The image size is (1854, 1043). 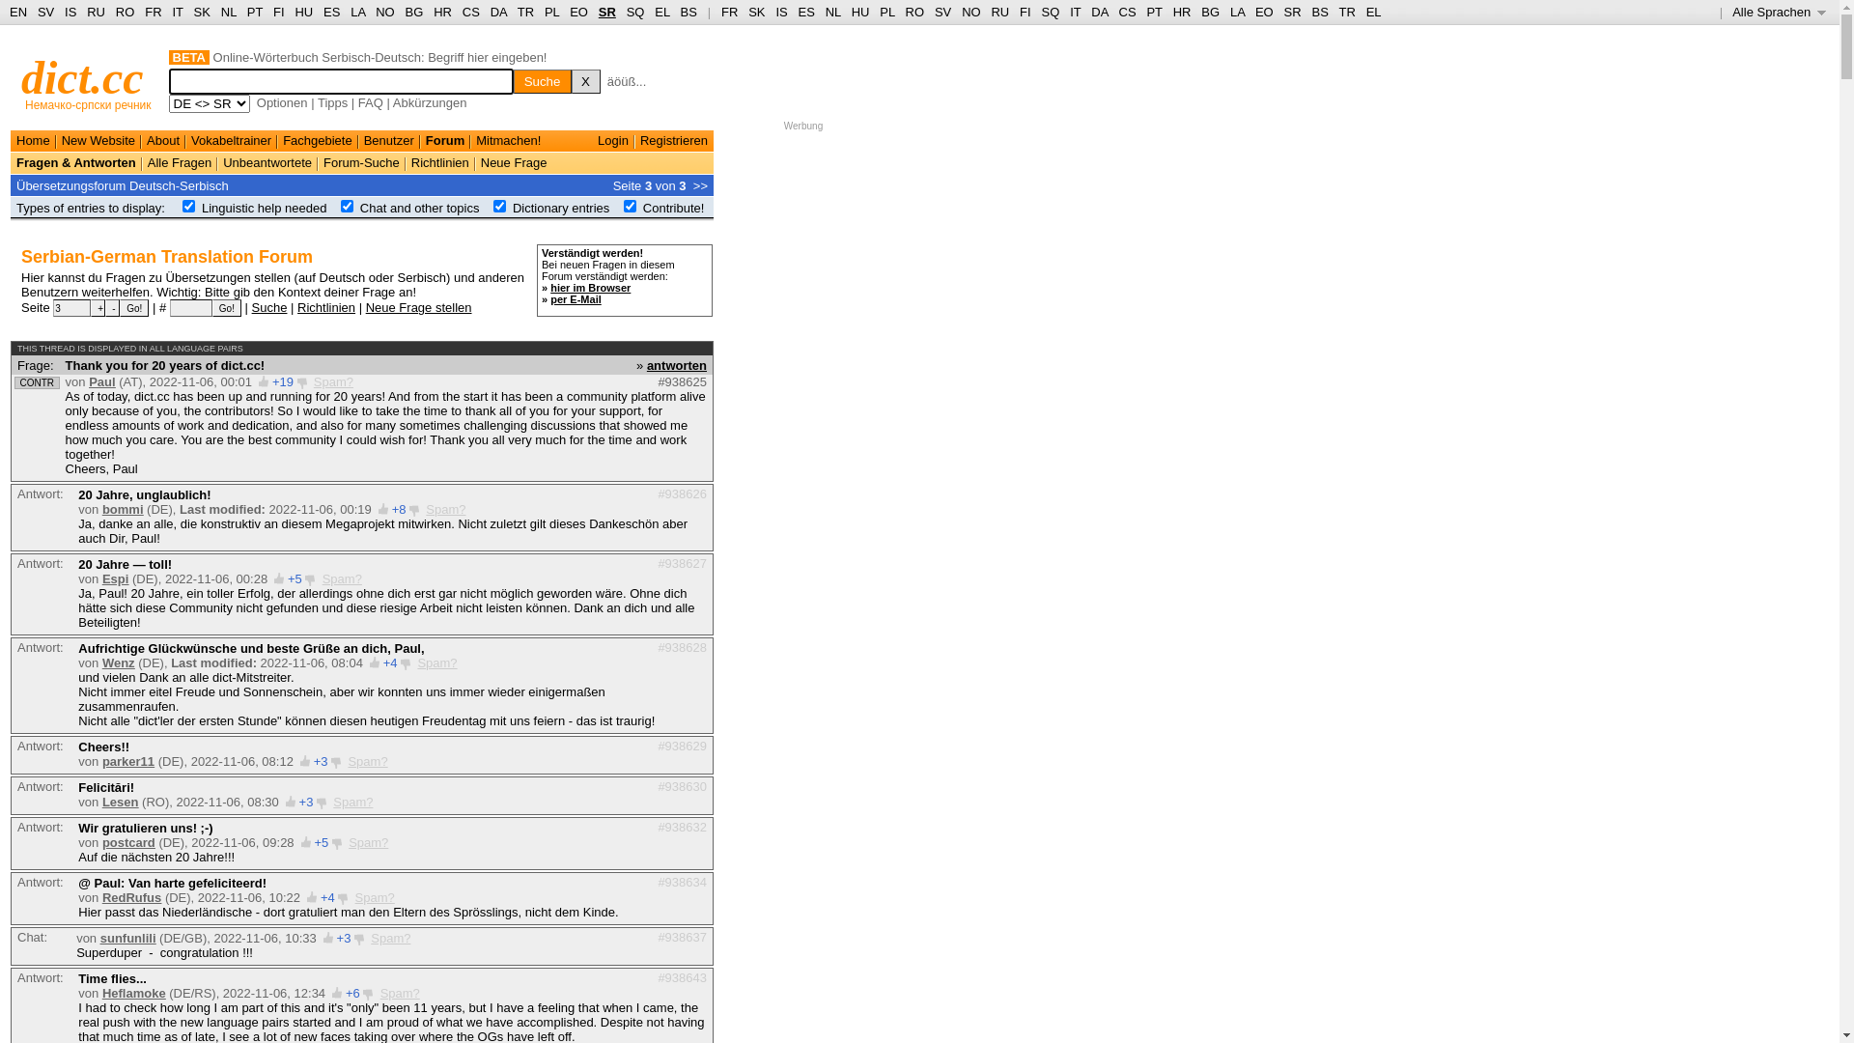 What do you see at coordinates (508, 139) in the screenshot?
I see `'Mitmachen!'` at bounding box center [508, 139].